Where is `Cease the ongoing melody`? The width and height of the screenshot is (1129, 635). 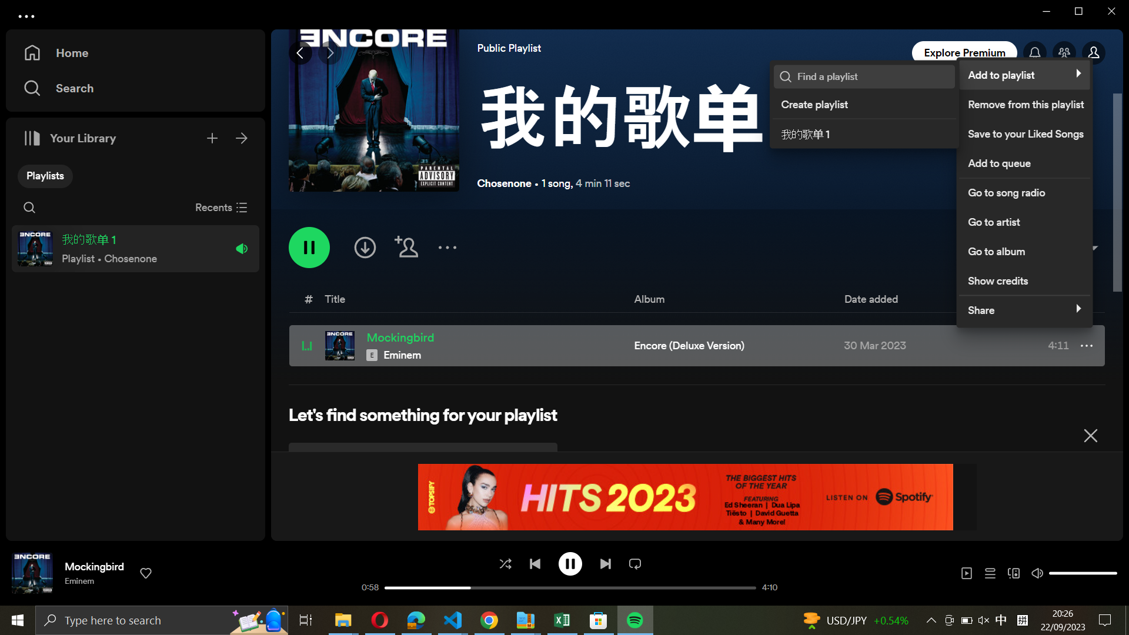
Cease the ongoing melody is located at coordinates (570, 562).